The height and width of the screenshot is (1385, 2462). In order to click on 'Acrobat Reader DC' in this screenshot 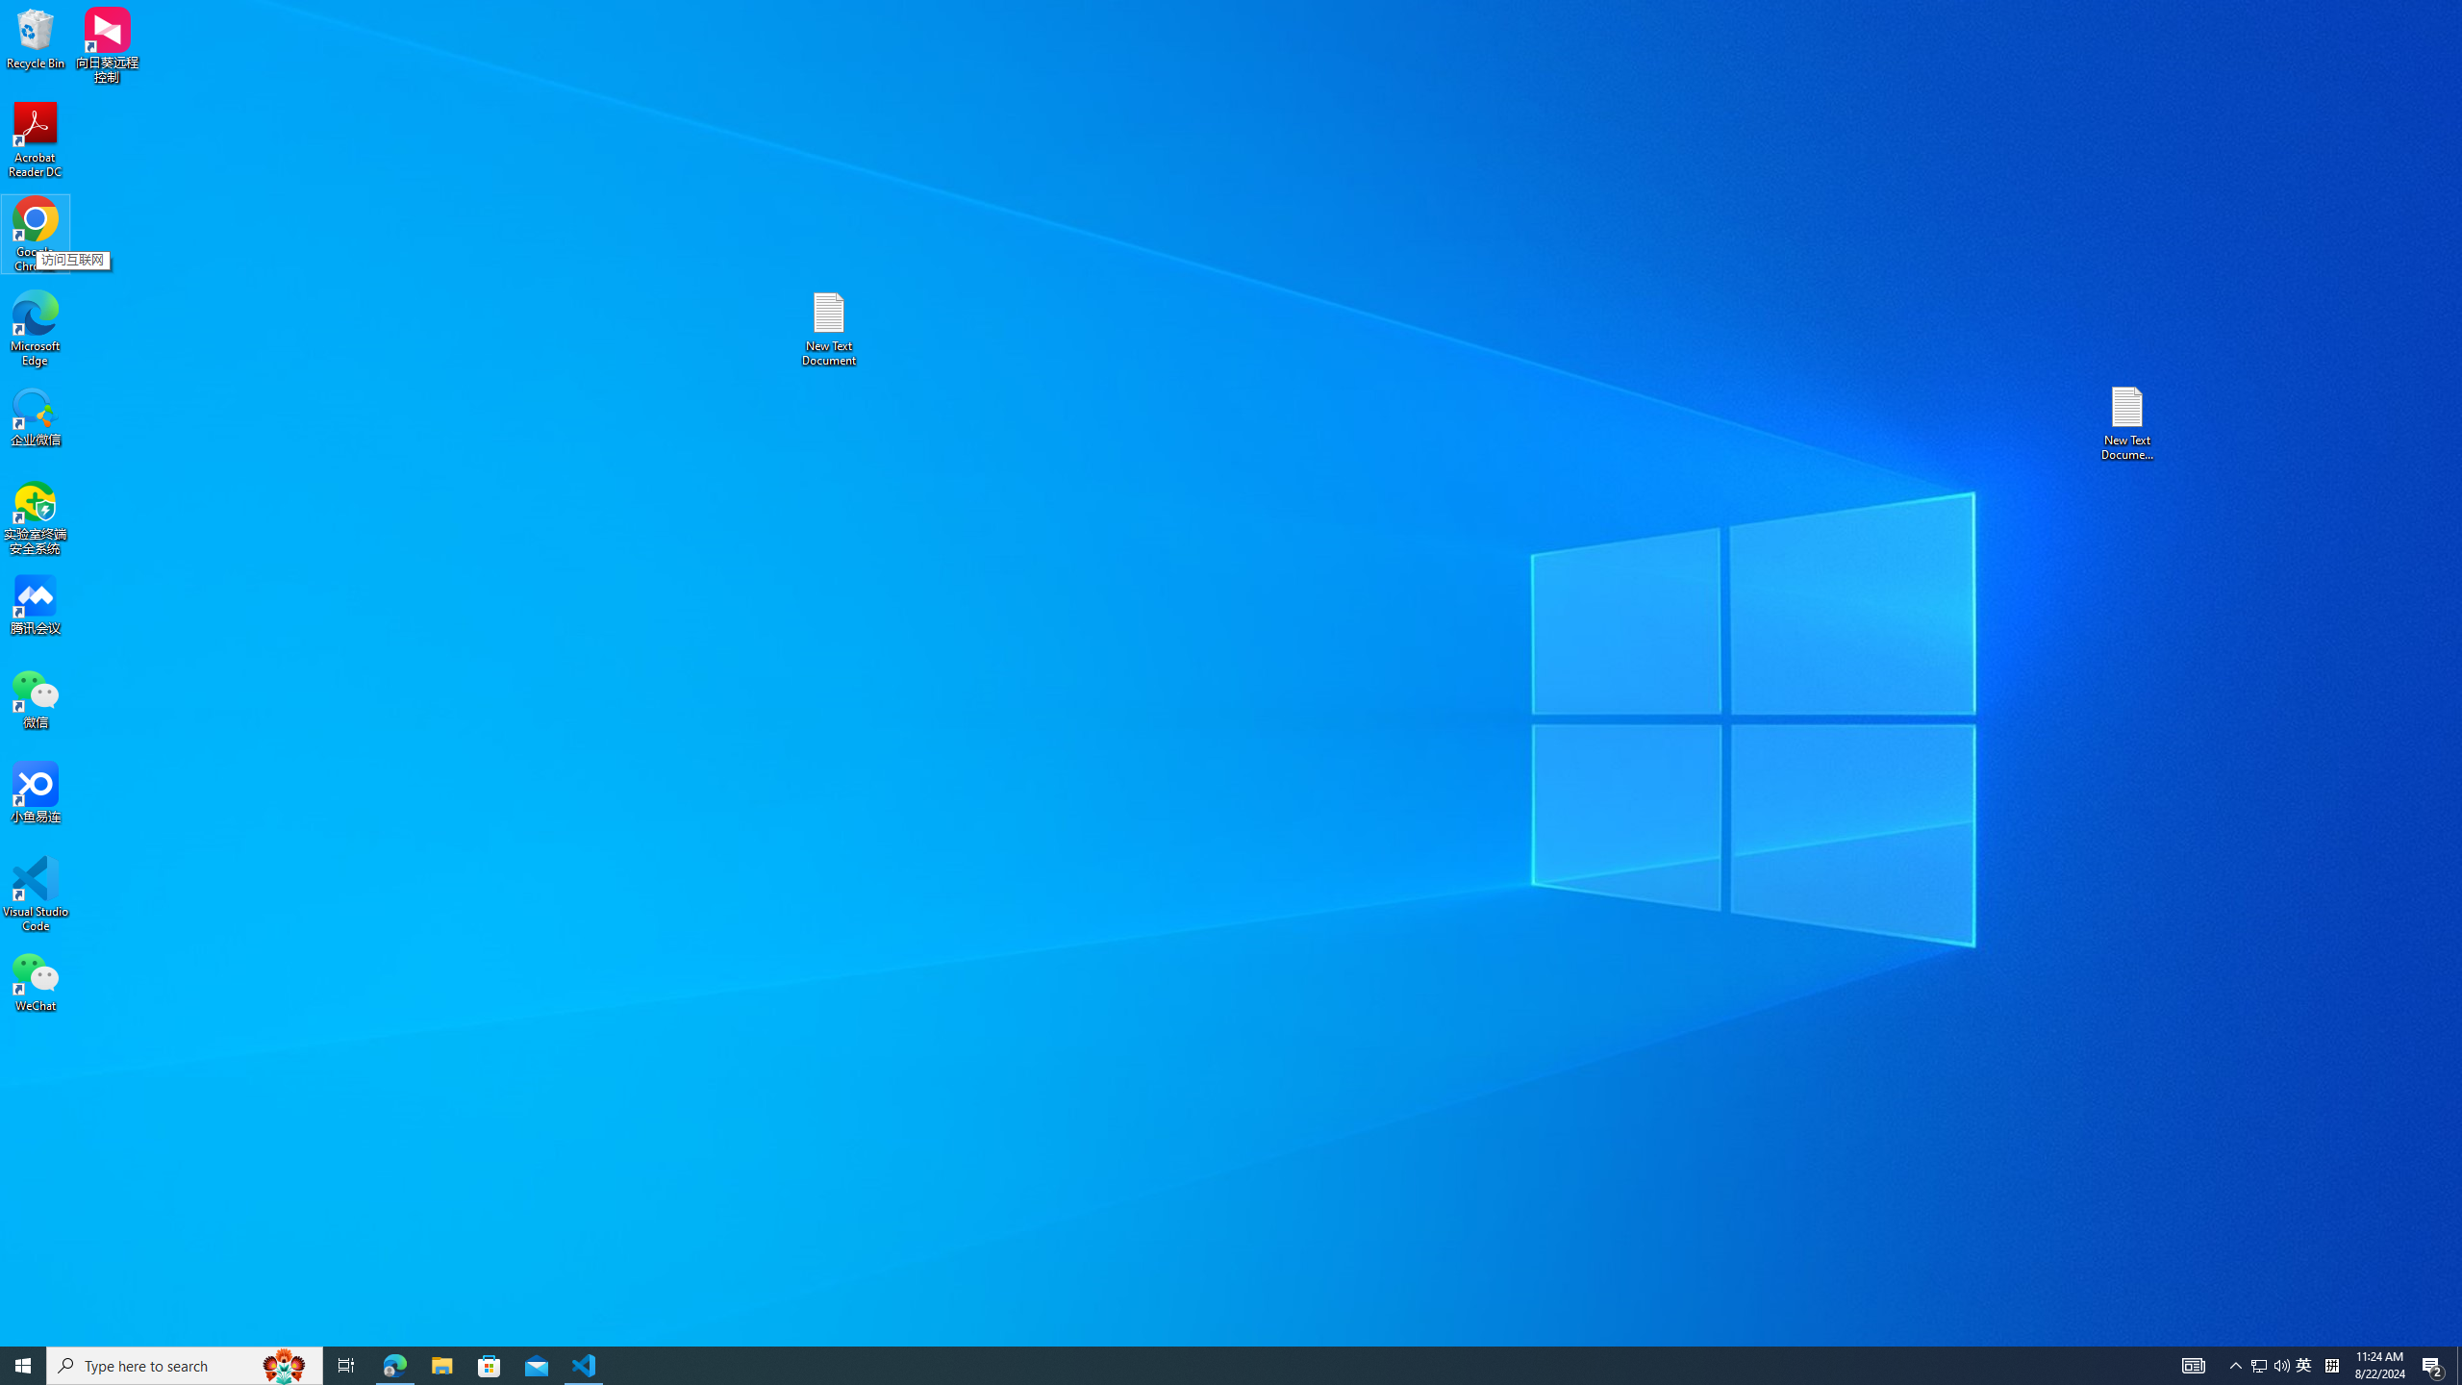, I will do `click(35, 139)`.